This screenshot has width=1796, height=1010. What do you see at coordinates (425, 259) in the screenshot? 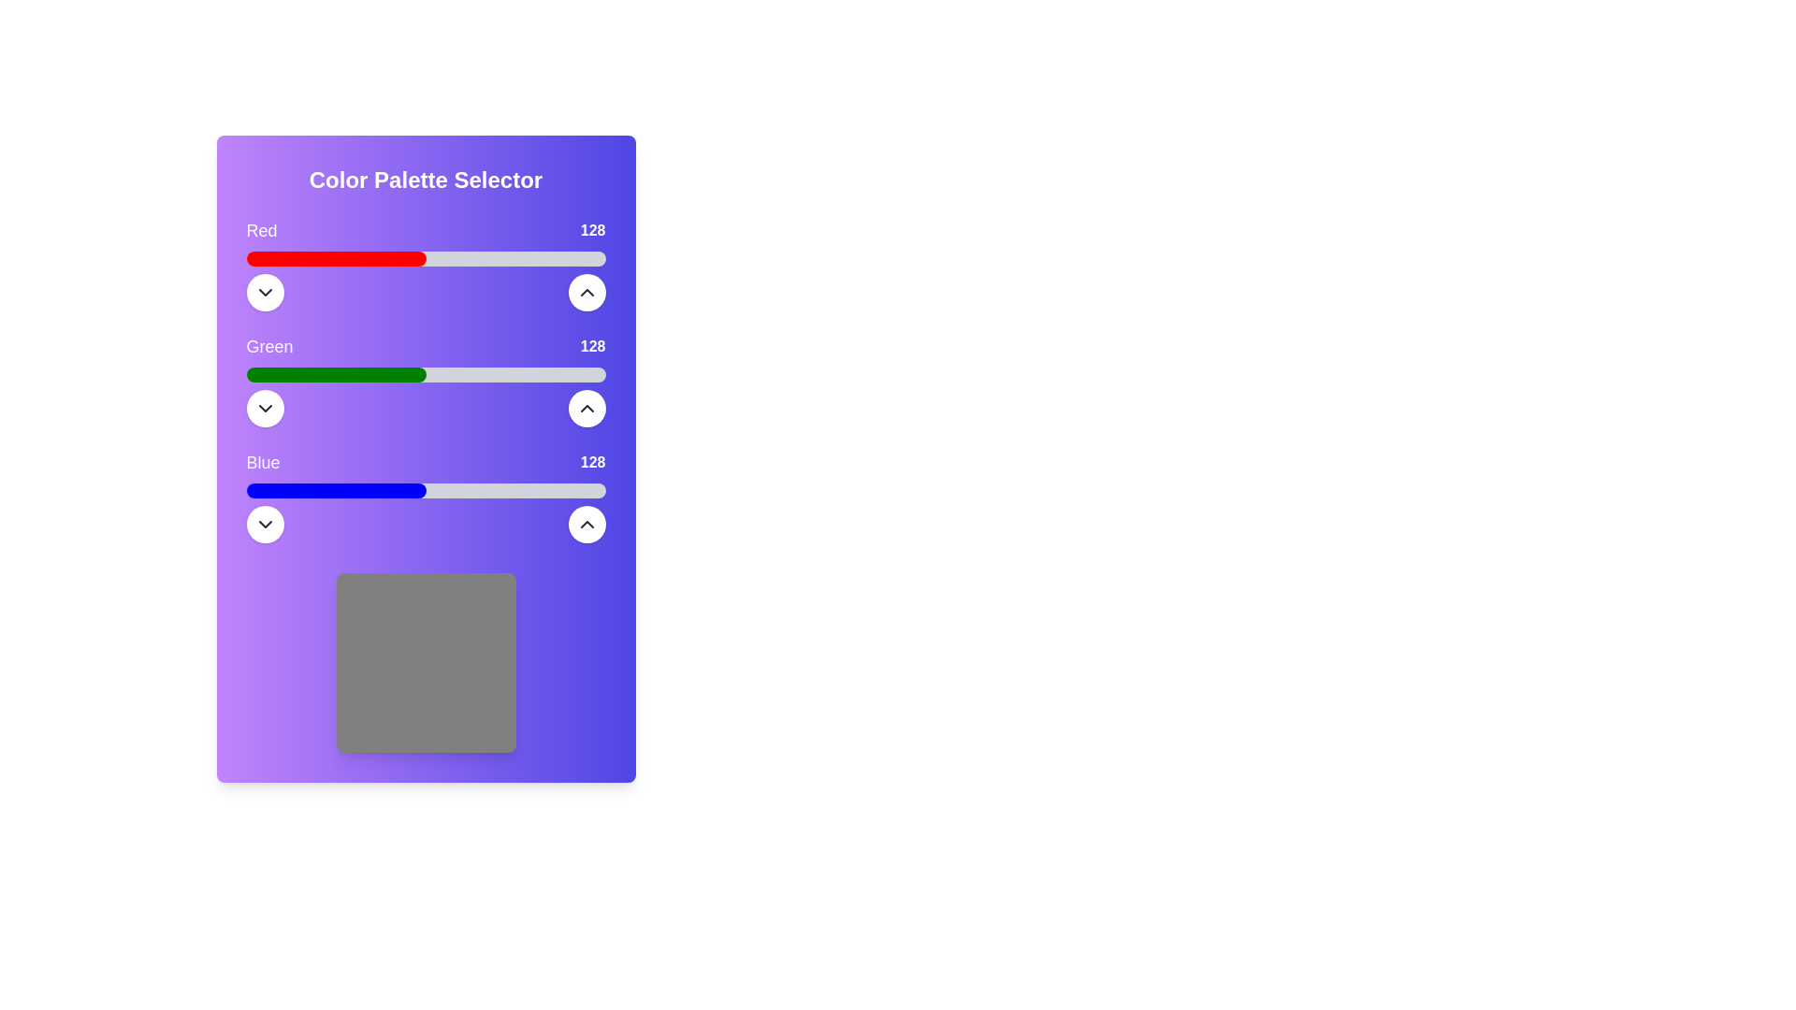
I see `the first progress bar representing the red color intensity, located below the text 'Red128'` at bounding box center [425, 259].